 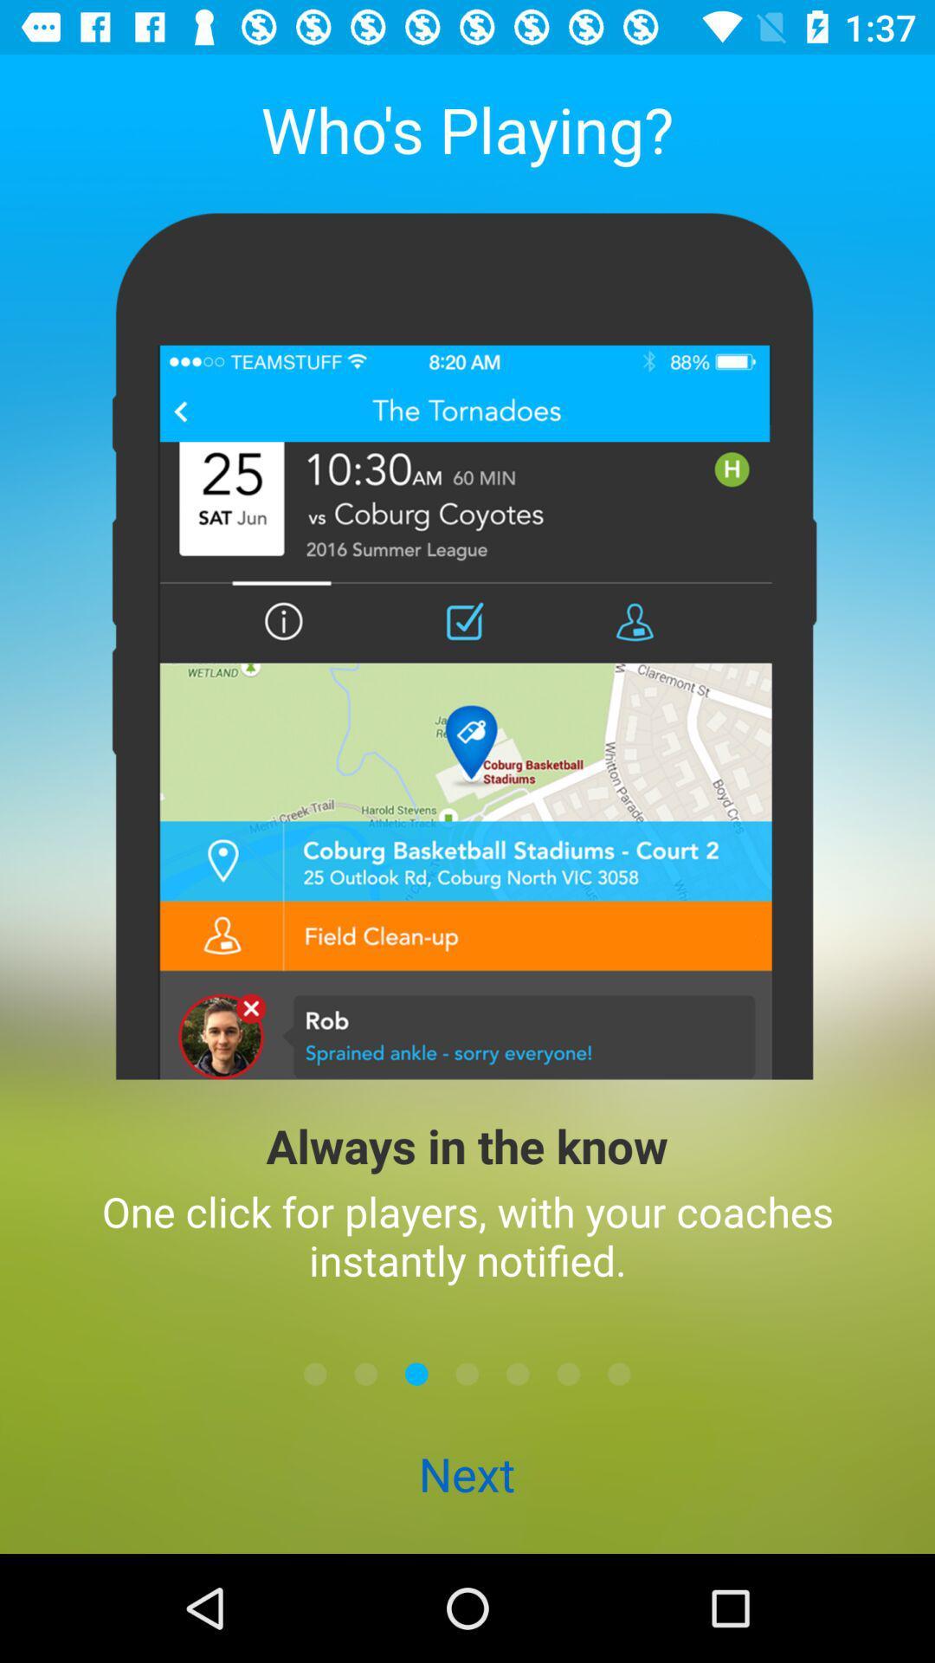 What do you see at coordinates (618, 1373) in the screenshot?
I see `the icon below the one click for item` at bounding box center [618, 1373].